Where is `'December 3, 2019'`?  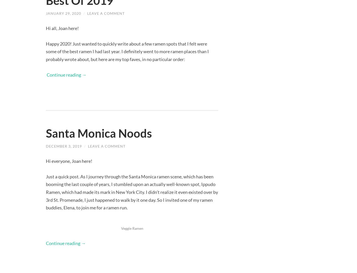
'December 3, 2019' is located at coordinates (64, 146).